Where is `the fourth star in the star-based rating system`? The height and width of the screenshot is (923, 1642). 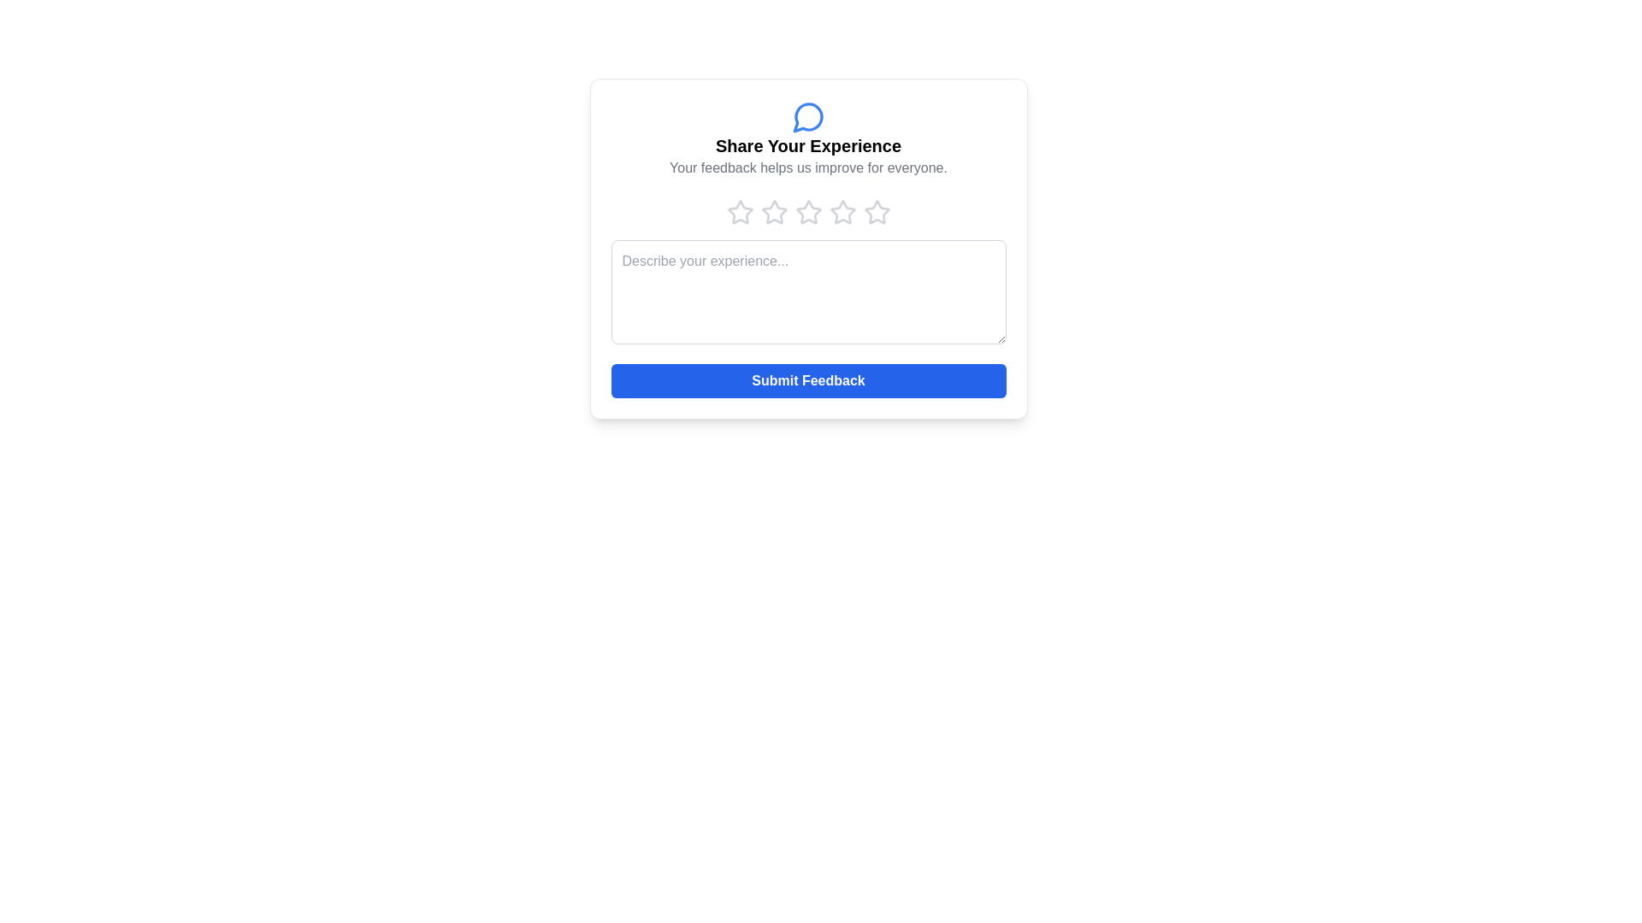 the fourth star in the star-based rating system is located at coordinates (842, 212).